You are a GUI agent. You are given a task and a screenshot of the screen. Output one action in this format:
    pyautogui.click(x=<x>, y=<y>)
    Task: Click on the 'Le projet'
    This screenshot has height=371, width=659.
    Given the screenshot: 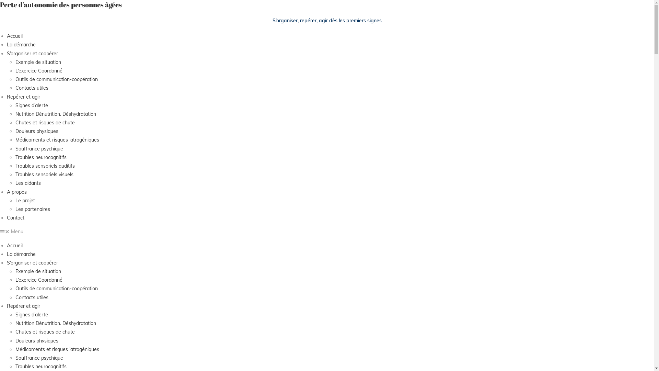 What is the action you would take?
    pyautogui.click(x=25, y=200)
    